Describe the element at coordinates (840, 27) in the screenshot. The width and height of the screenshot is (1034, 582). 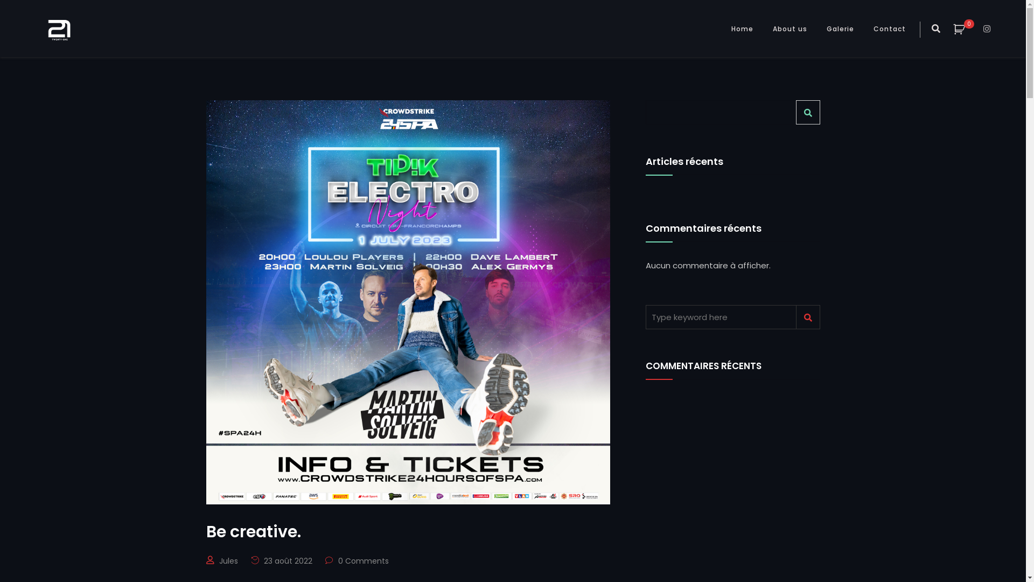
I see `'Galerie'` at that location.